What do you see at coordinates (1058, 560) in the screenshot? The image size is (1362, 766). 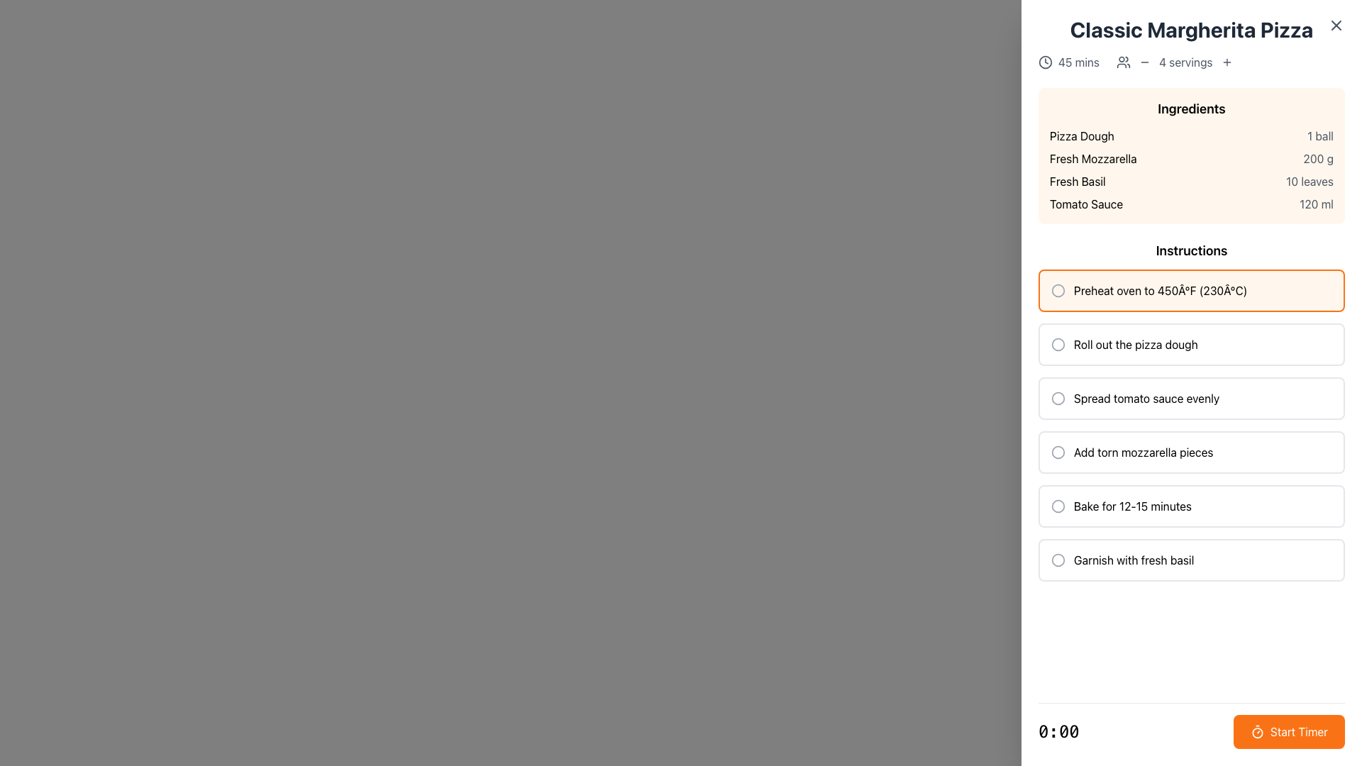 I see `the circular icon with a gray border located to the left of the text 'Garnish with fresh basil'` at bounding box center [1058, 560].